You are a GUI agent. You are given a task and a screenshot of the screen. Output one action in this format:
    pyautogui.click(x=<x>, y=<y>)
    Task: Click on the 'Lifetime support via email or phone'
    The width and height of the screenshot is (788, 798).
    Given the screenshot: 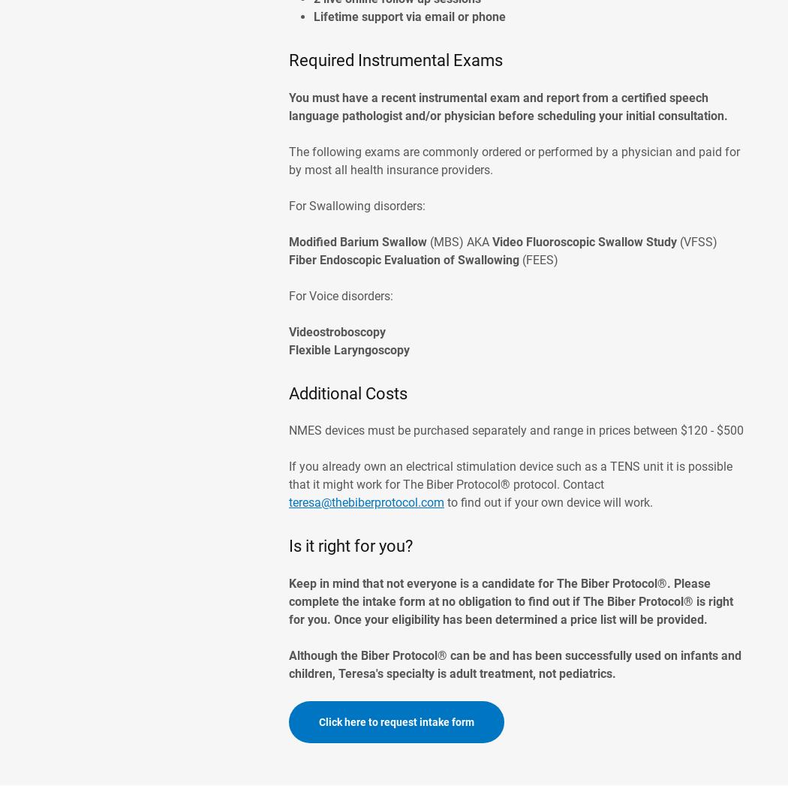 What is the action you would take?
    pyautogui.click(x=411, y=17)
    